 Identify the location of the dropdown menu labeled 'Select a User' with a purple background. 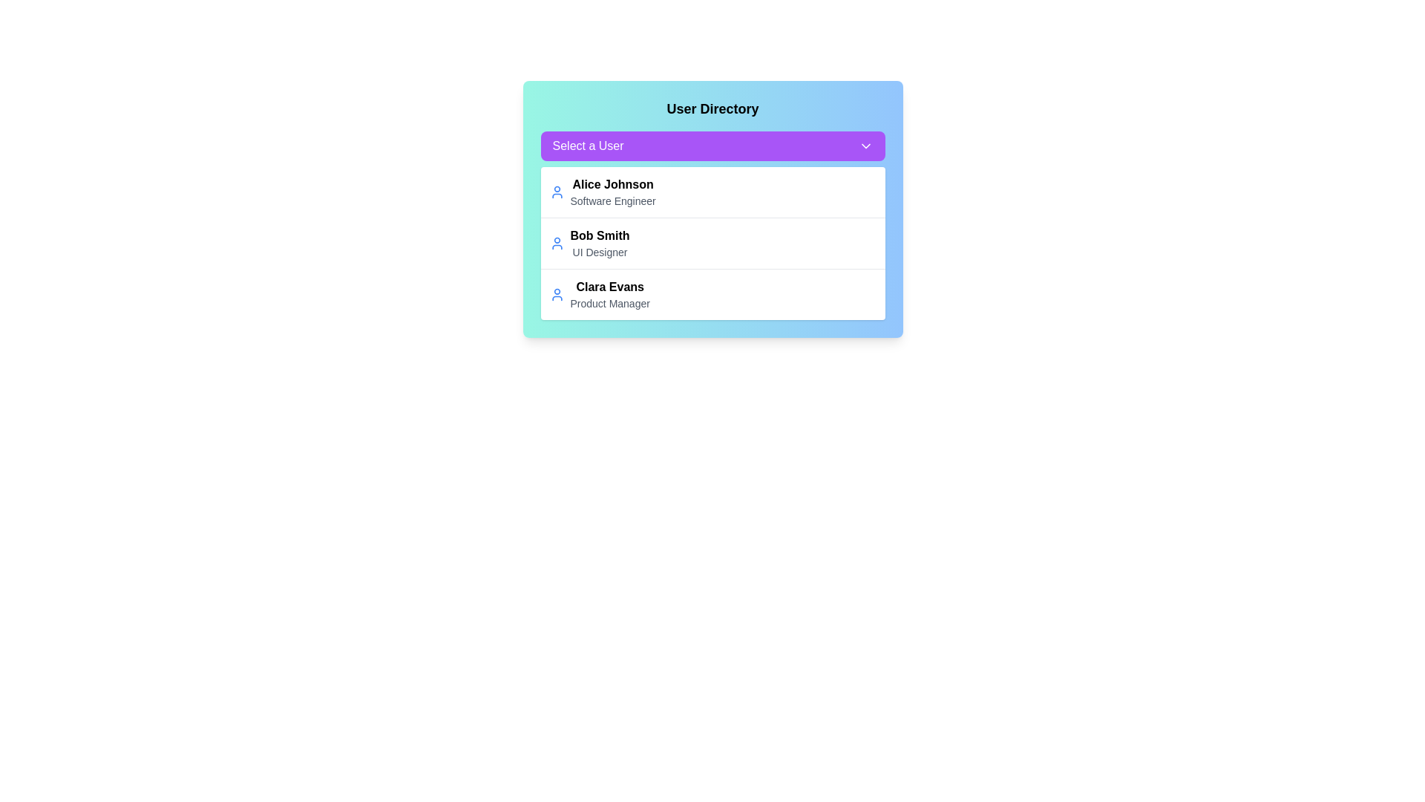
(712, 146).